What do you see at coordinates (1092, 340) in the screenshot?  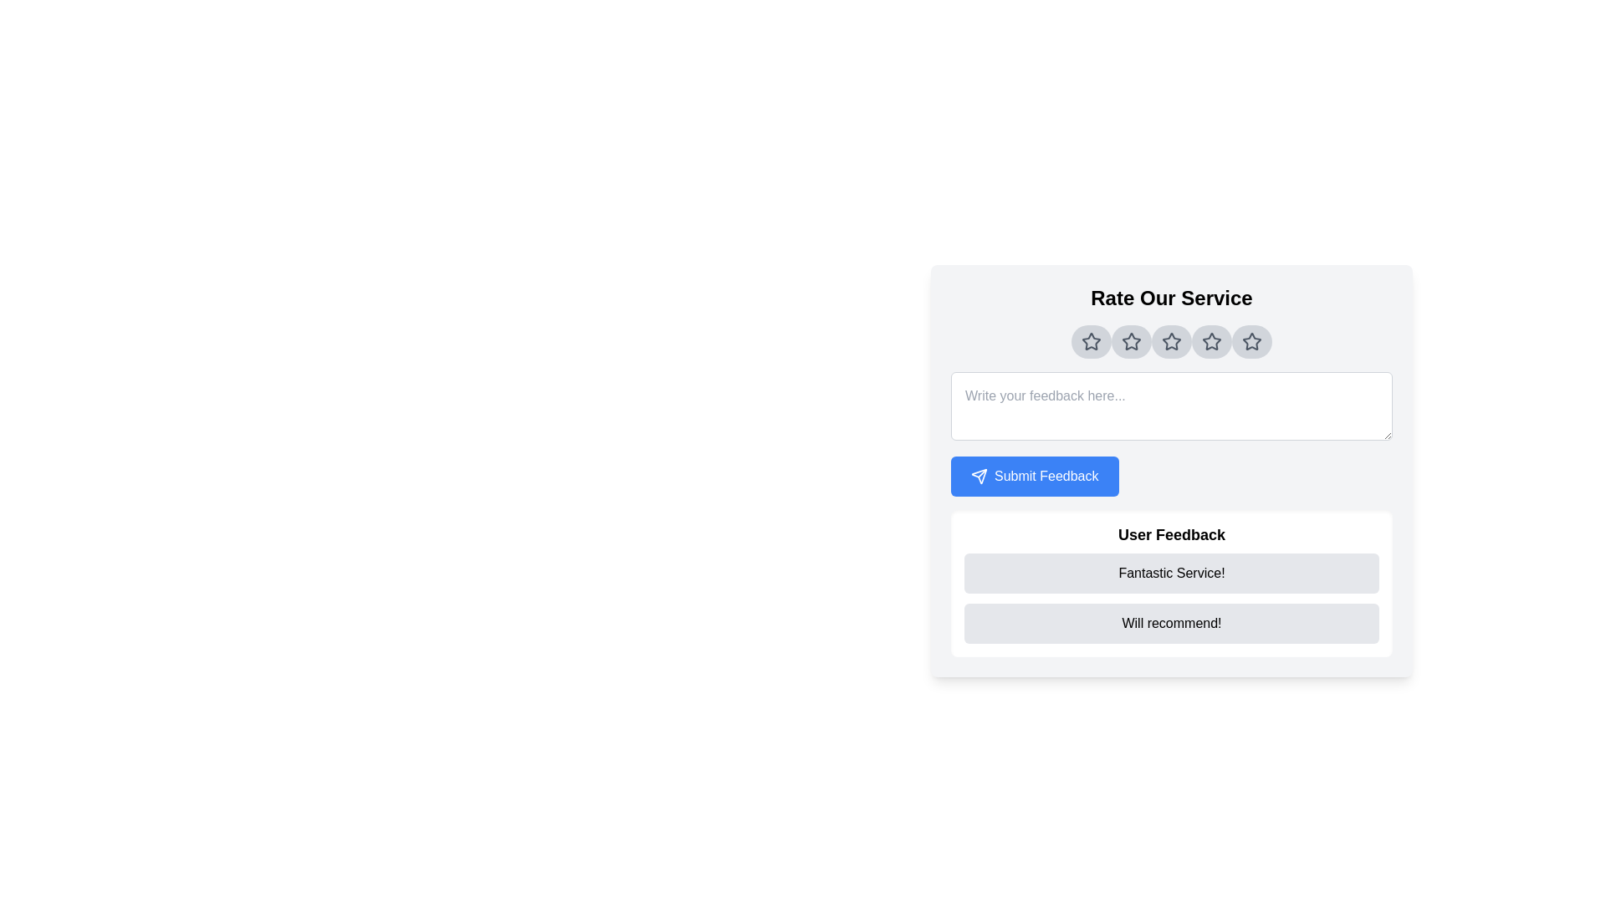 I see `the leftmost star rating icon, which is a hollow gray star used for rating mechanisms` at bounding box center [1092, 340].